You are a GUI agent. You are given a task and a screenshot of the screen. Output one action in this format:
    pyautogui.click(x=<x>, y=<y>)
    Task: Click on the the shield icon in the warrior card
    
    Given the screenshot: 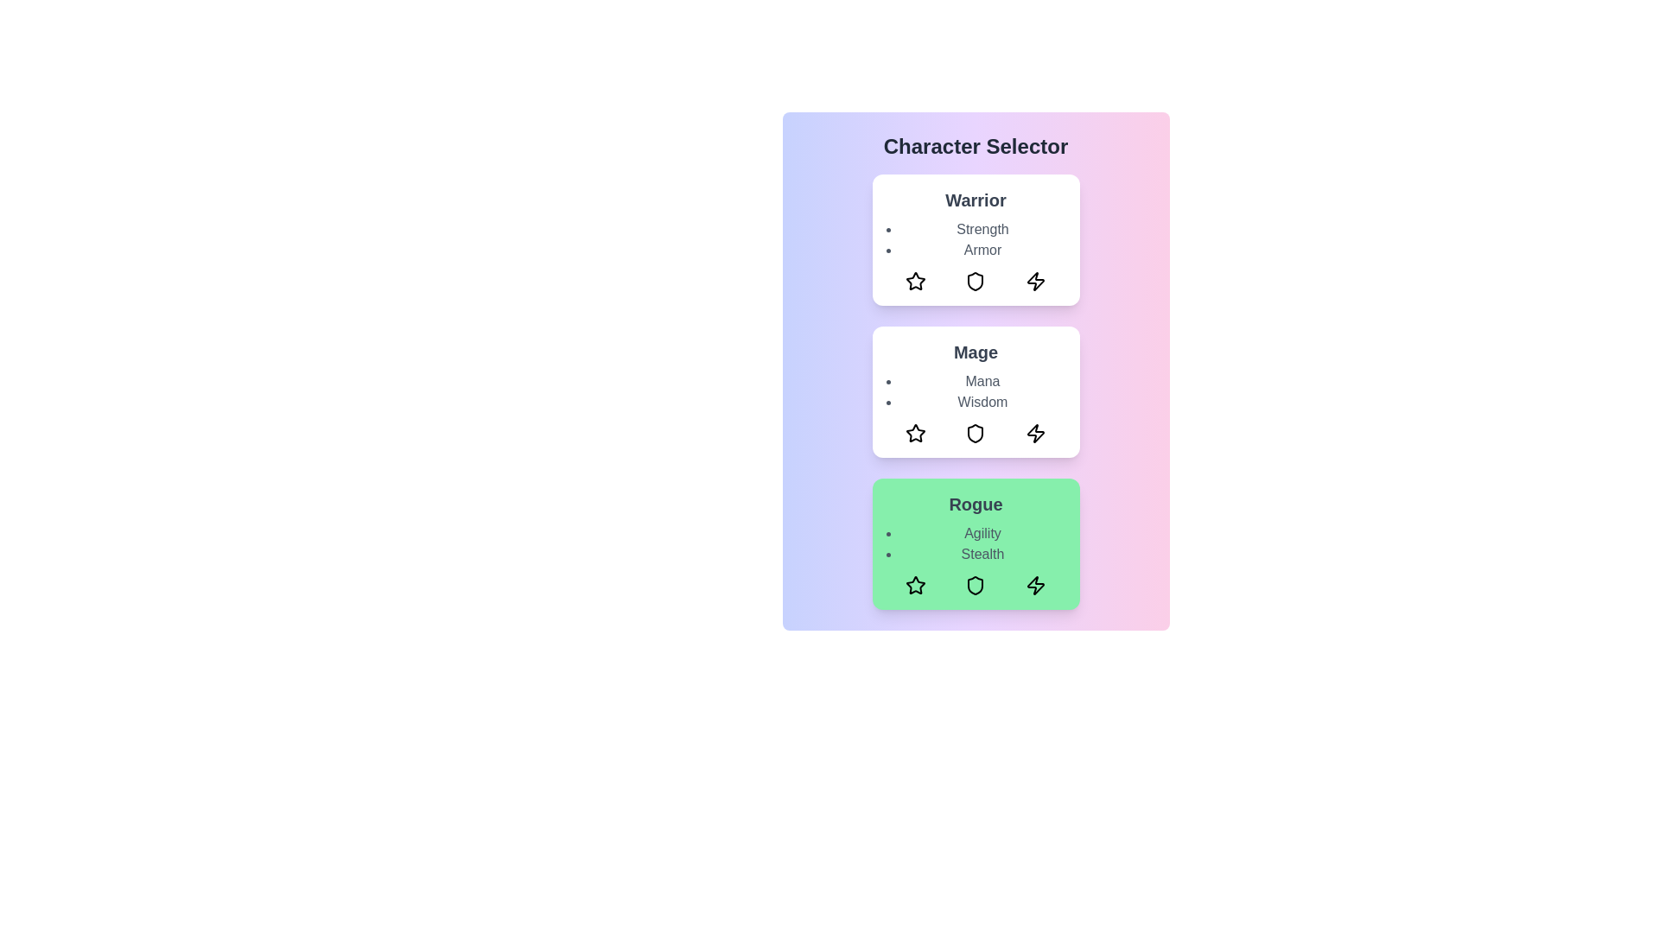 What is the action you would take?
    pyautogui.click(x=976, y=281)
    